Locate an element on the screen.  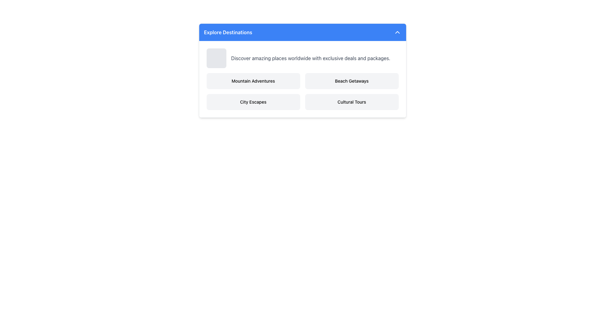
the 'City Escapes' button located in the second row, left column of the grid under 'Mountain Adventures' and to the left of 'Cultural Tours' in the 'Explore Destinations' section is located at coordinates (253, 102).